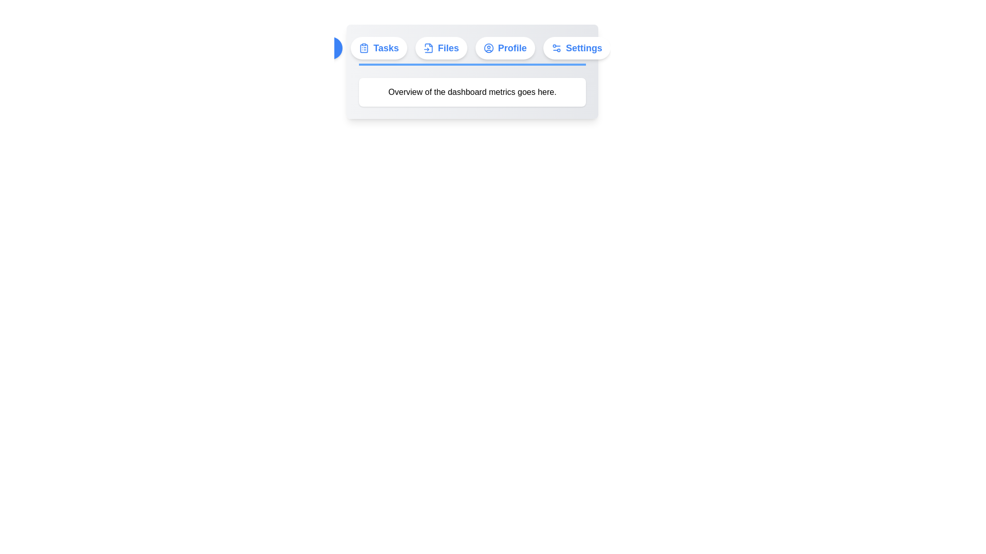 The image size is (986, 554). What do you see at coordinates (556, 48) in the screenshot?
I see `the settings icon located on the rightmost side of the navigation bar, which visually represents the settings option and complements the 'Settings' label` at bounding box center [556, 48].